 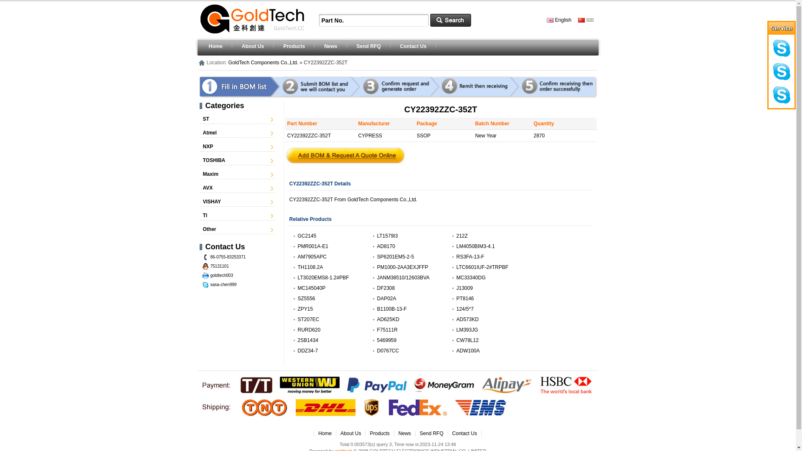 I want to click on 'SP6201EM5-2-5', so click(x=395, y=256).